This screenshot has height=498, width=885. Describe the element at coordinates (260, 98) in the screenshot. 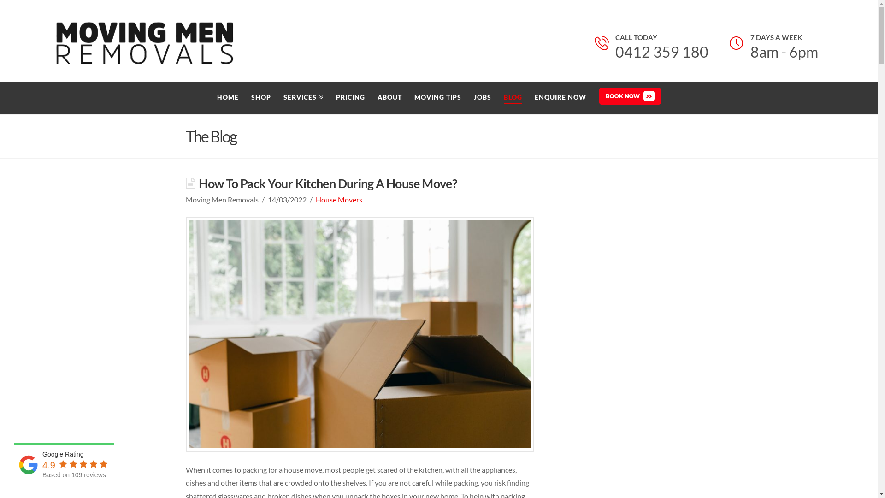

I see `'SHOP'` at that location.